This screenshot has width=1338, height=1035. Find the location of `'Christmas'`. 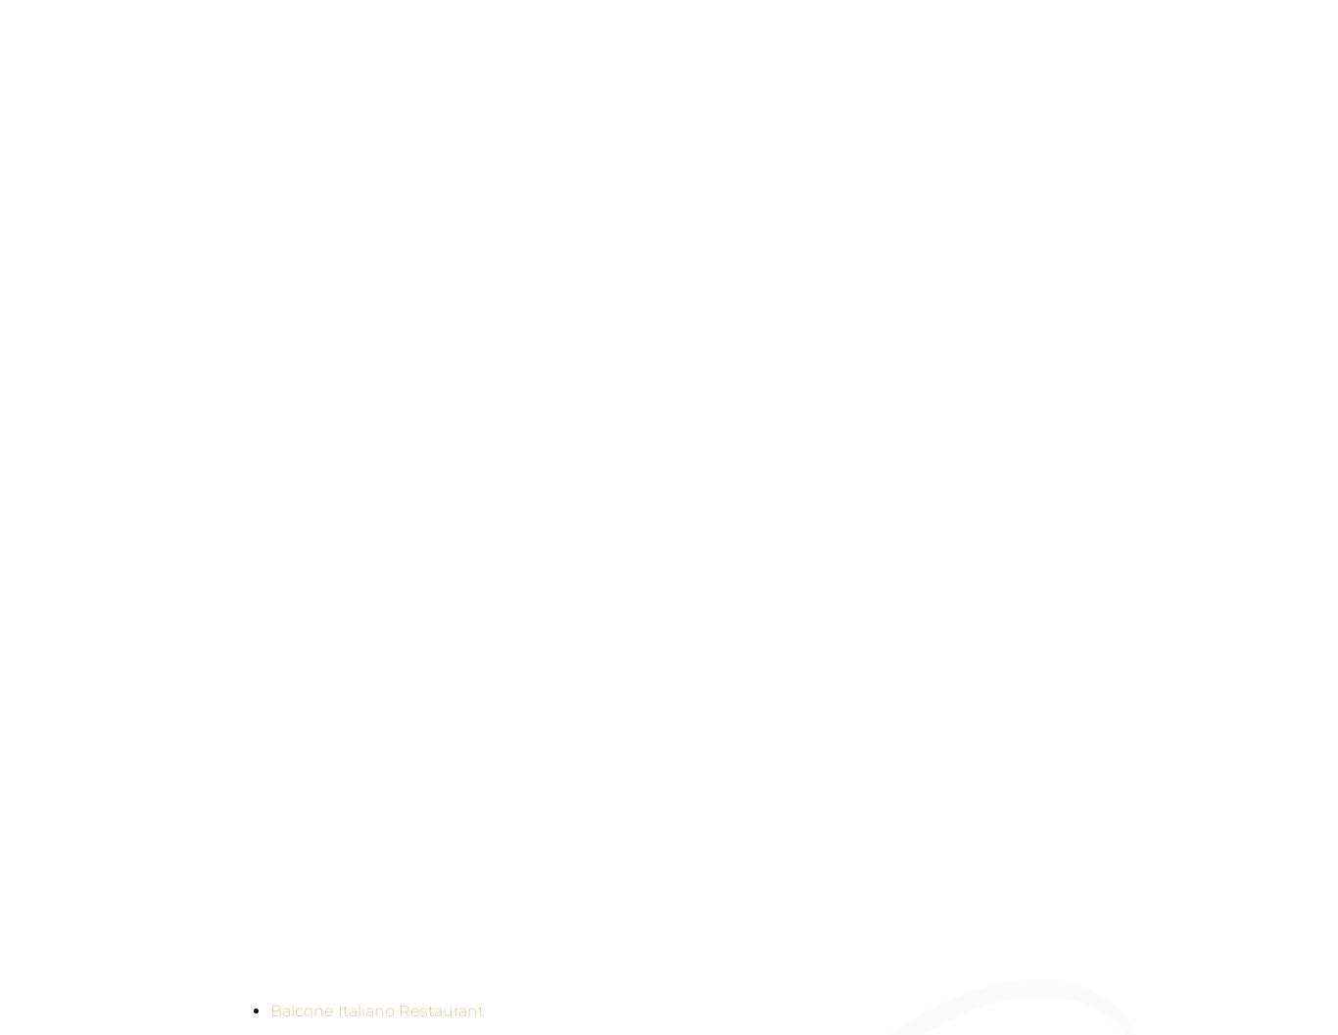

'Christmas' is located at coordinates (335, 263).